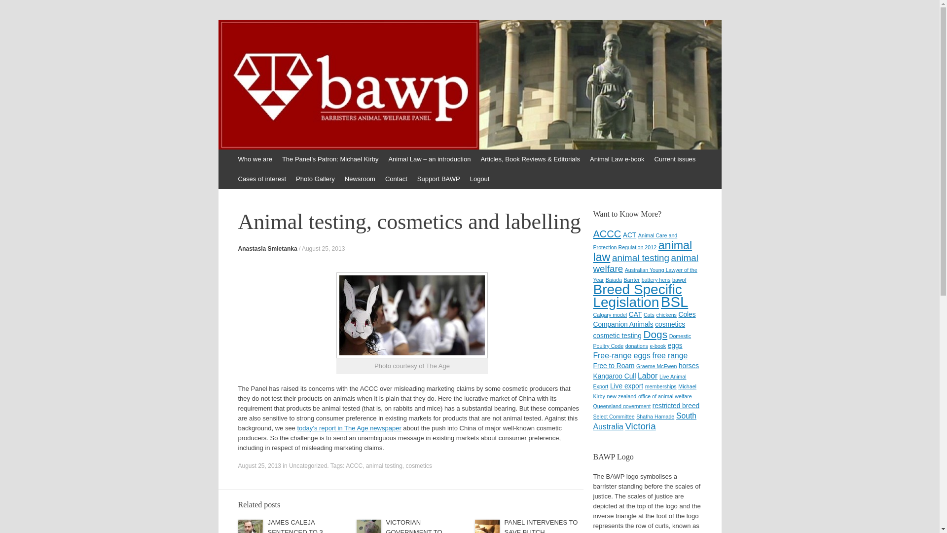 The height and width of the screenshot is (533, 947). I want to click on 'restricted breed', so click(675, 406).